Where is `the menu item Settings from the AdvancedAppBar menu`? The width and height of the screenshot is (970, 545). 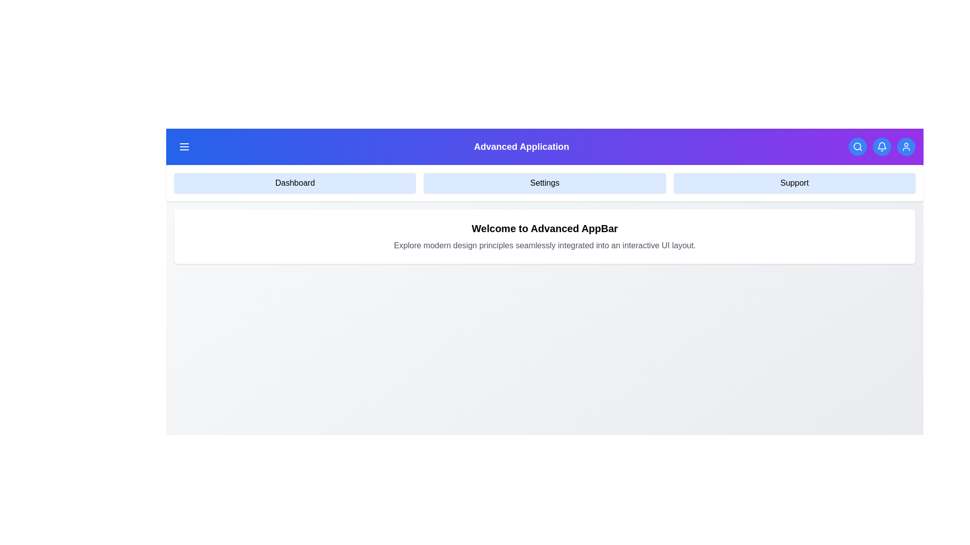
the menu item Settings from the AdvancedAppBar menu is located at coordinates (544, 183).